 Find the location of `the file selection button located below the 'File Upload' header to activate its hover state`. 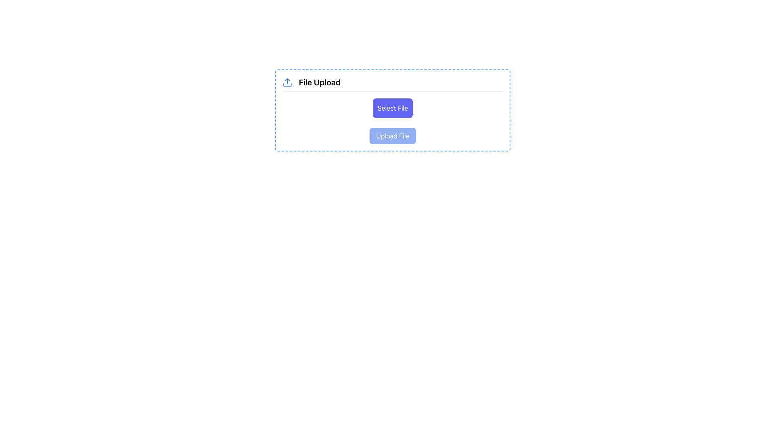

the file selection button located below the 'File Upload' header to activate its hover state is located at coordinates (392, 110).